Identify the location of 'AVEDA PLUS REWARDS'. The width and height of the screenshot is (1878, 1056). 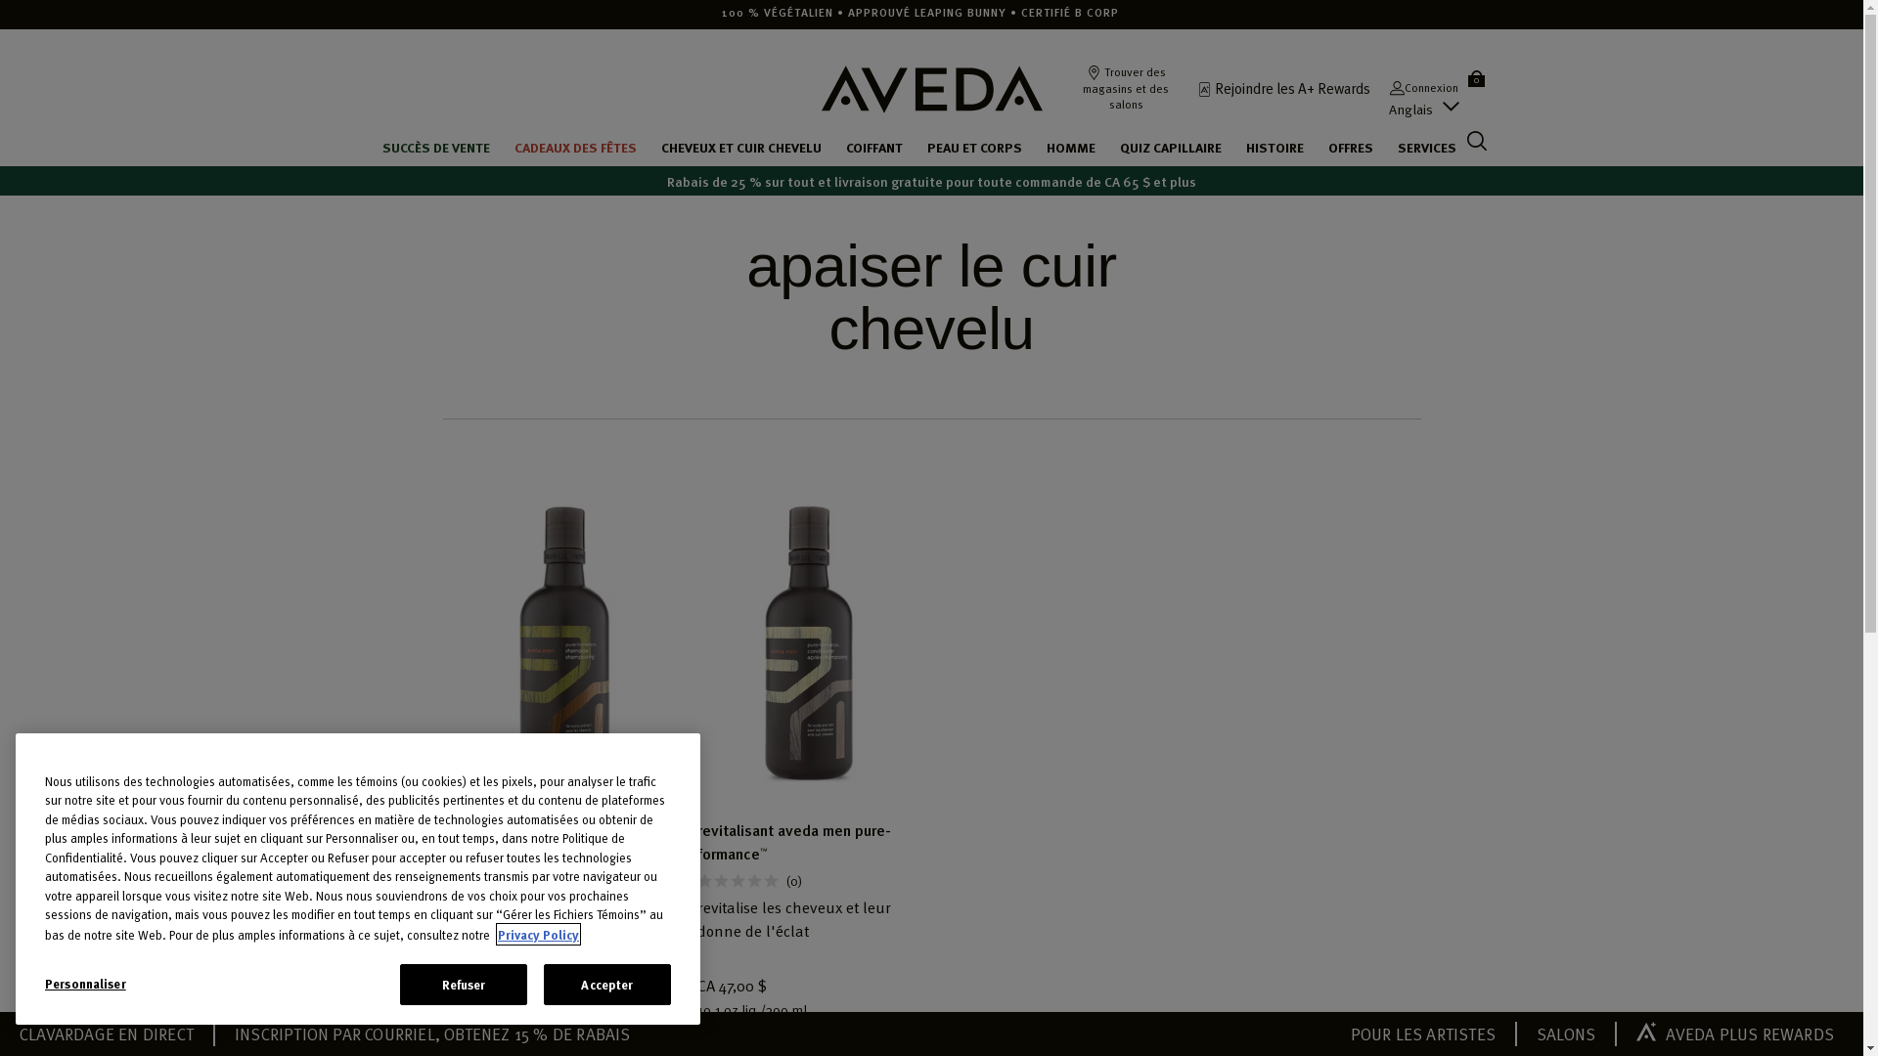
(1735, 1032).